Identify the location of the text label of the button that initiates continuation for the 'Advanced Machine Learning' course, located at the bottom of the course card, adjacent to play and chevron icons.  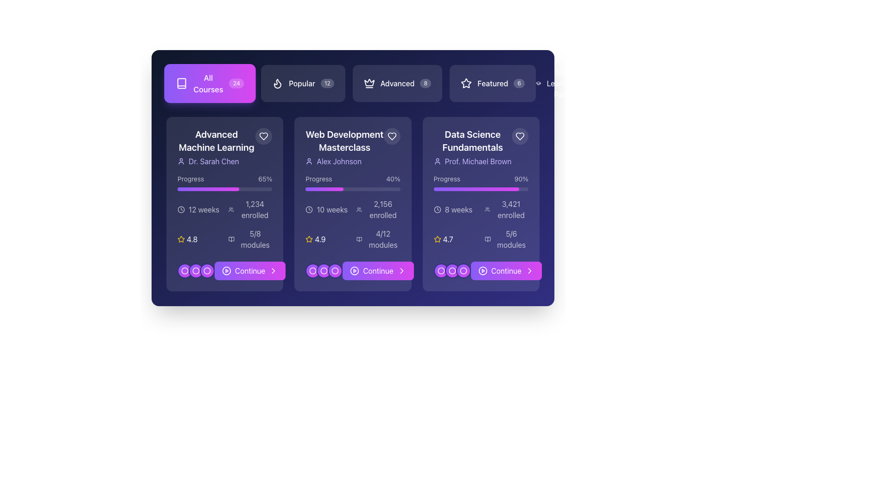
(250, 270).